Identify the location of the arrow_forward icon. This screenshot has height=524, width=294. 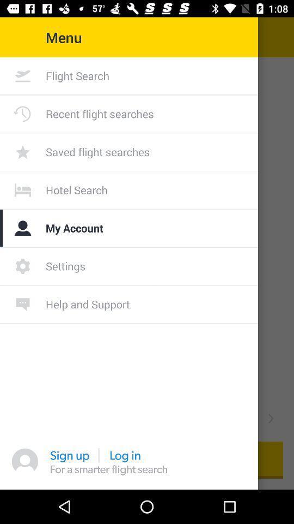
(270, 418).